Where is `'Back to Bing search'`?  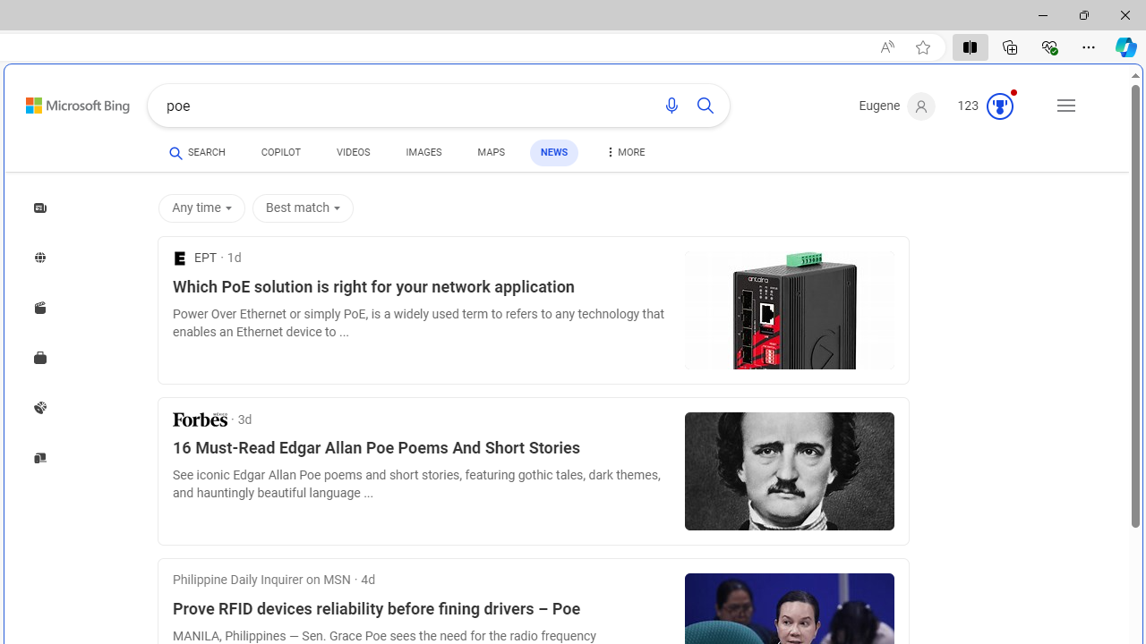 'Back to Bing search' is located at coordinates (66, 102).